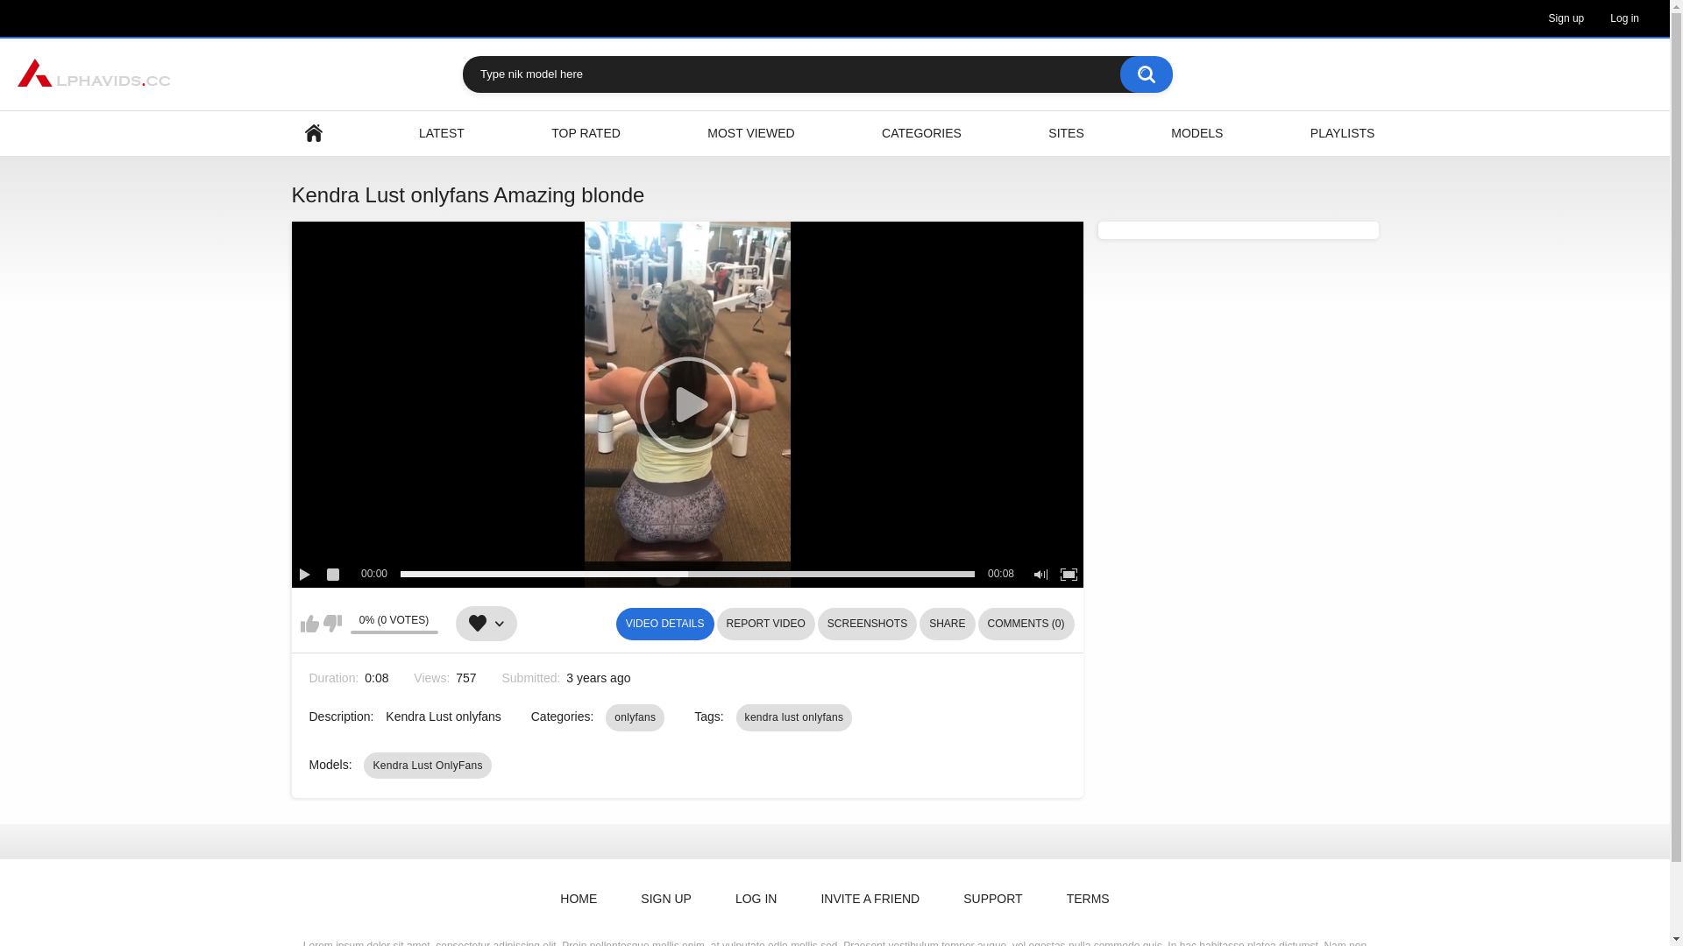  I want to click on 'SITES', so click(1064, 132).